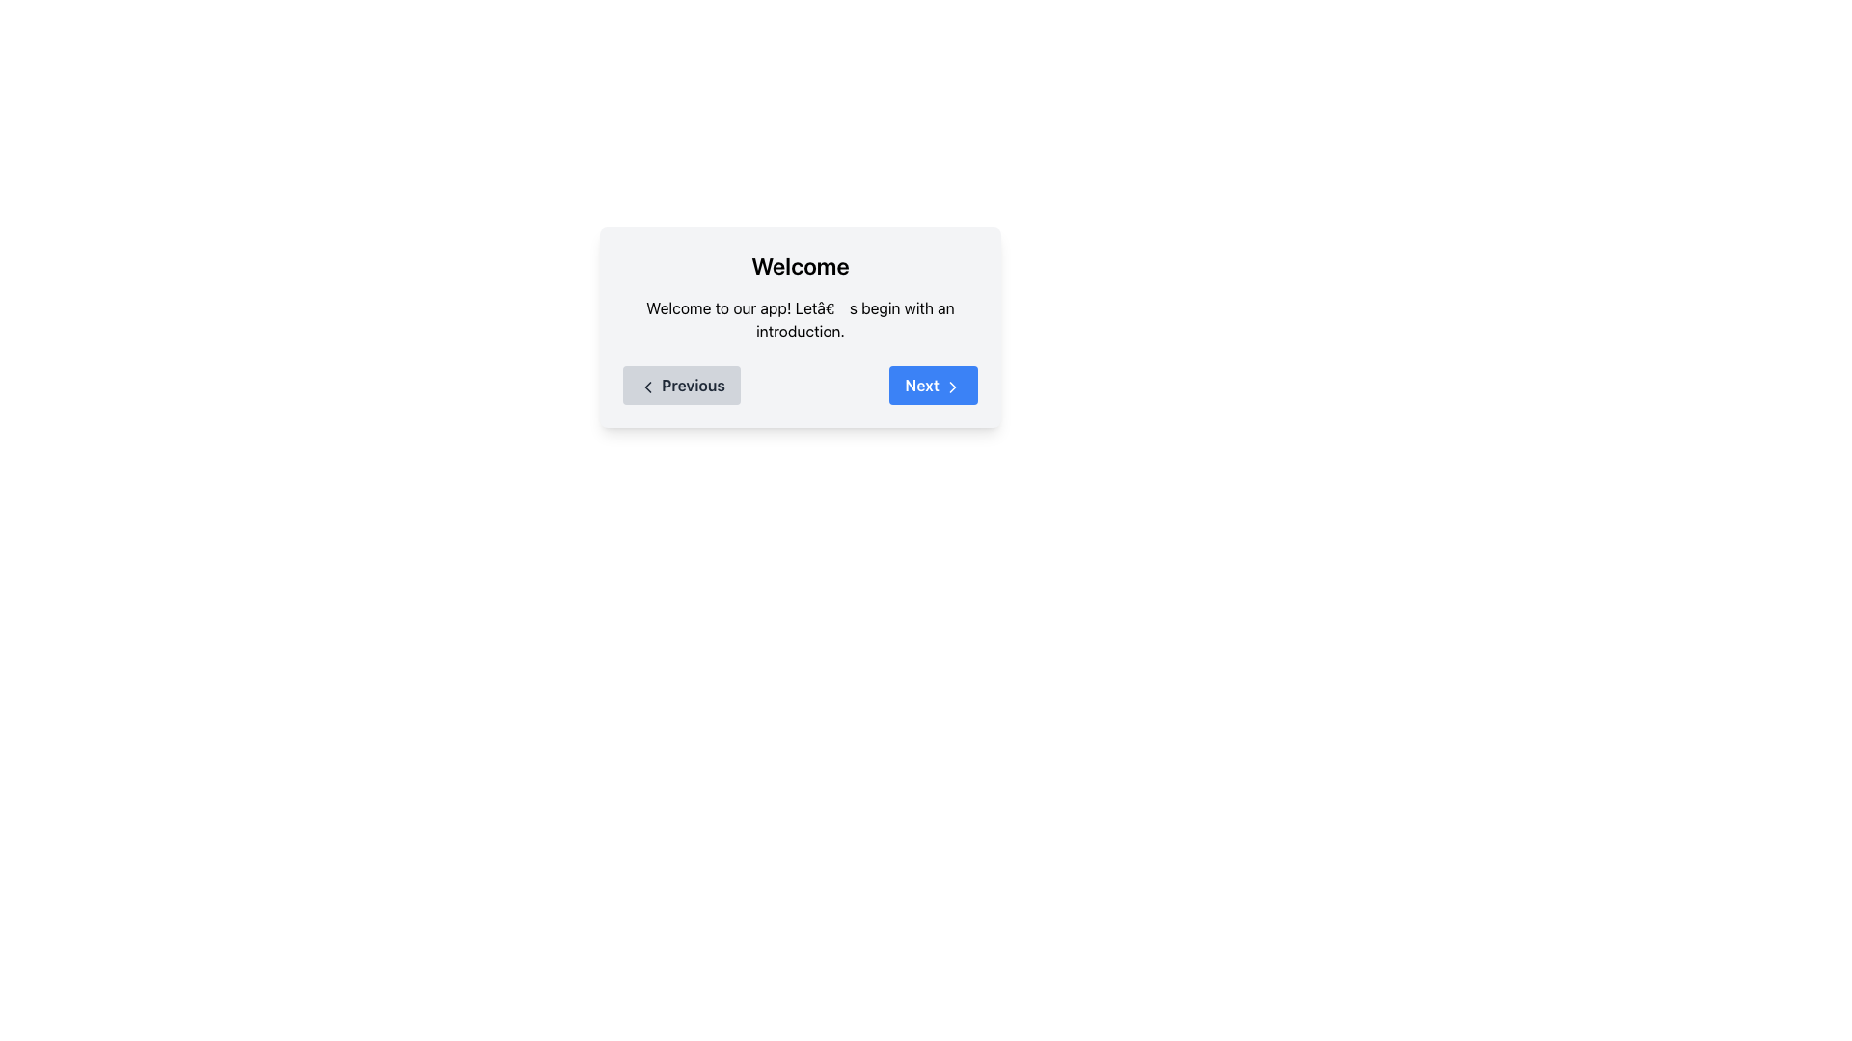 The width and height of the screenshot is (1852, 1041). I want to click on the navigation indicator icon located to the right of the 'Next' button text label, so click(952, 387).